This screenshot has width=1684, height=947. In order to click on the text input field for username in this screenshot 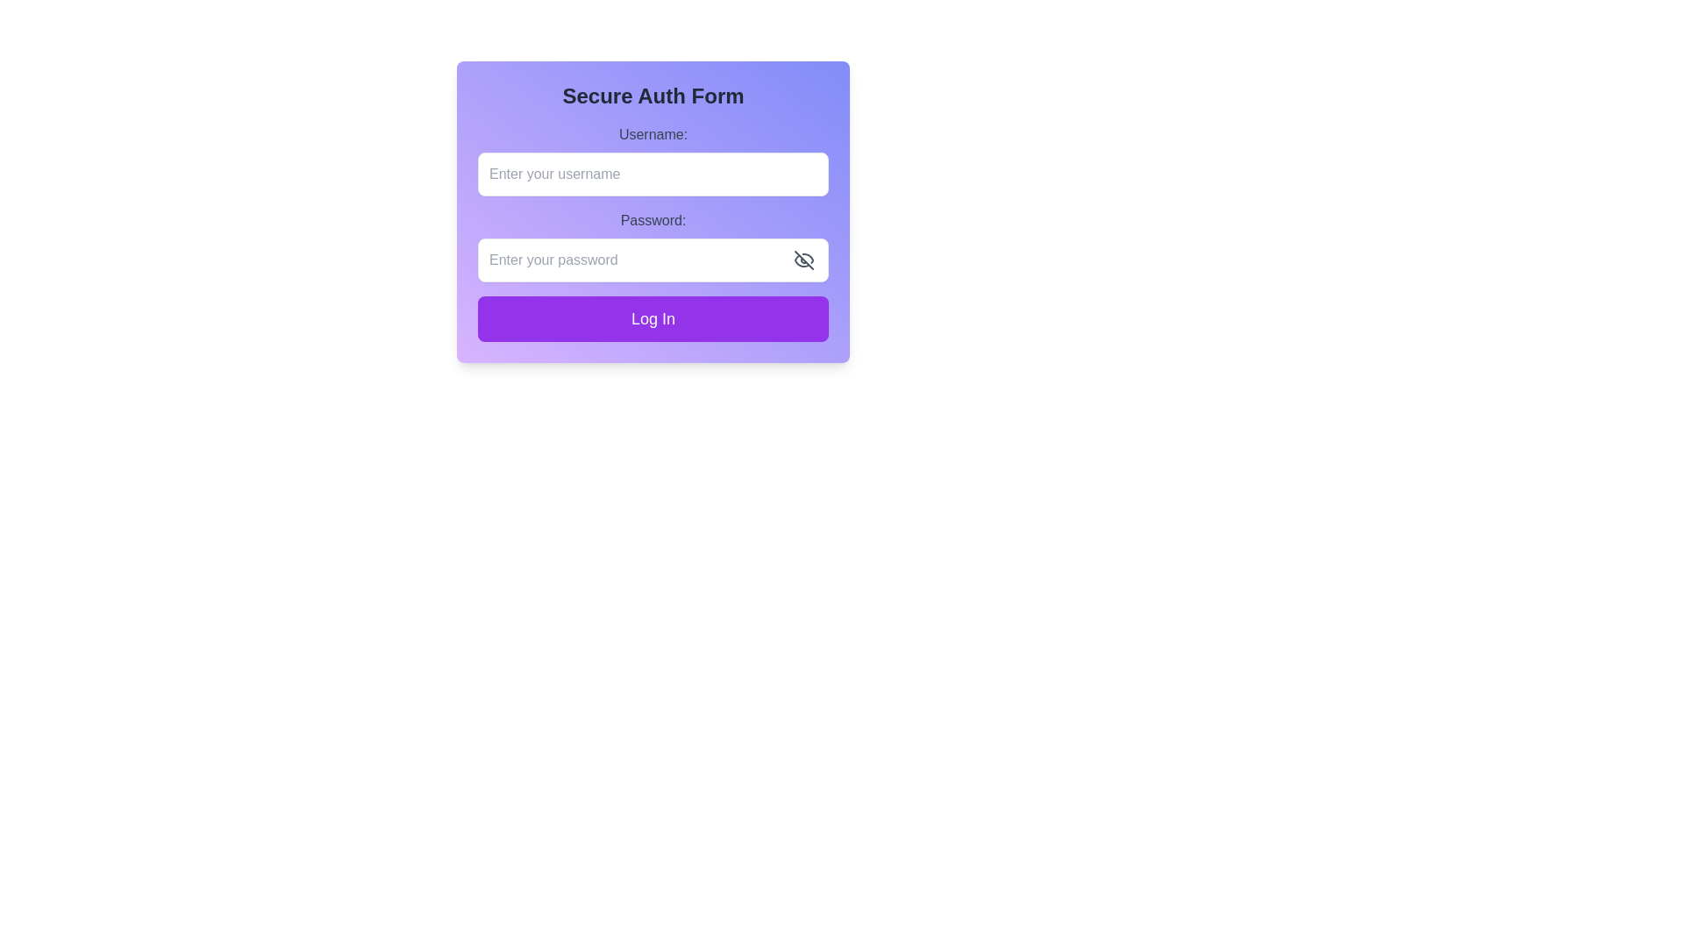, I will do `click(652, 160)`.